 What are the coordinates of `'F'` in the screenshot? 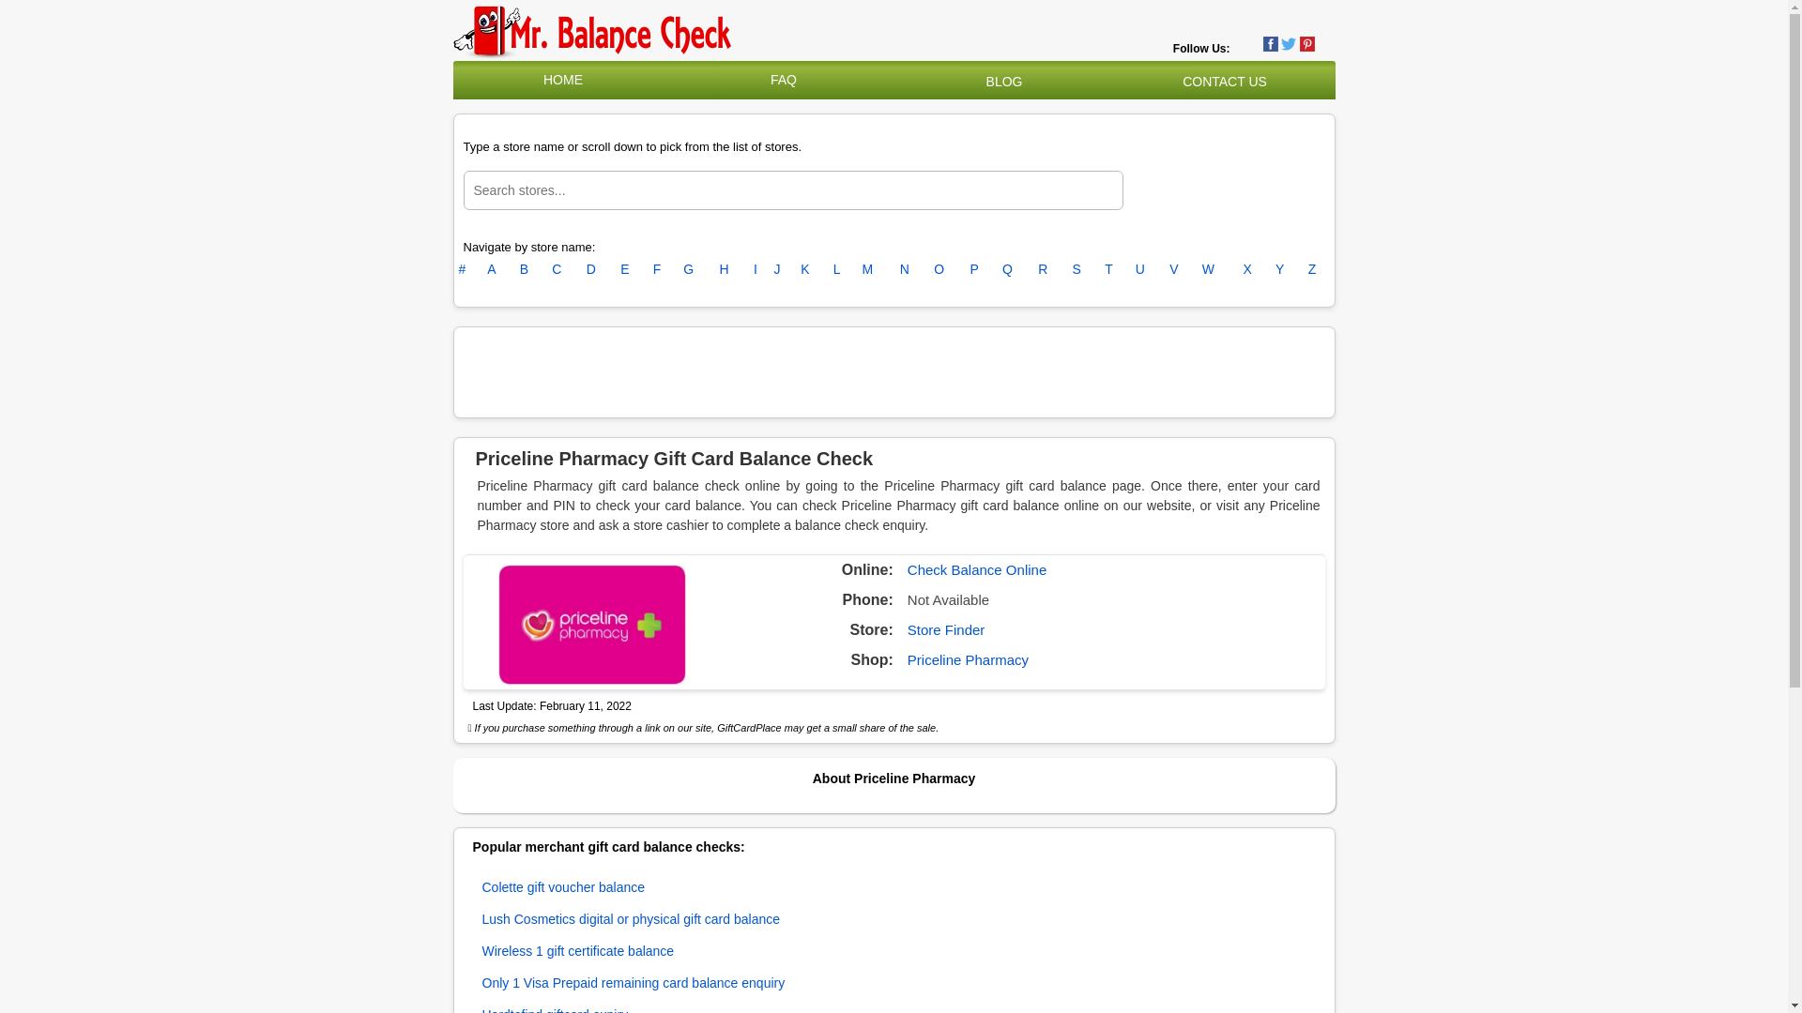 It's located at (657, 268).